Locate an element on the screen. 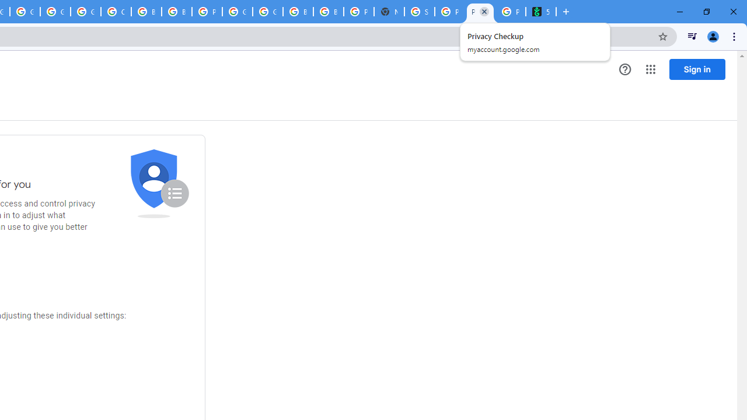  'Privacy Checkup' is located at coordinates (480, 12).